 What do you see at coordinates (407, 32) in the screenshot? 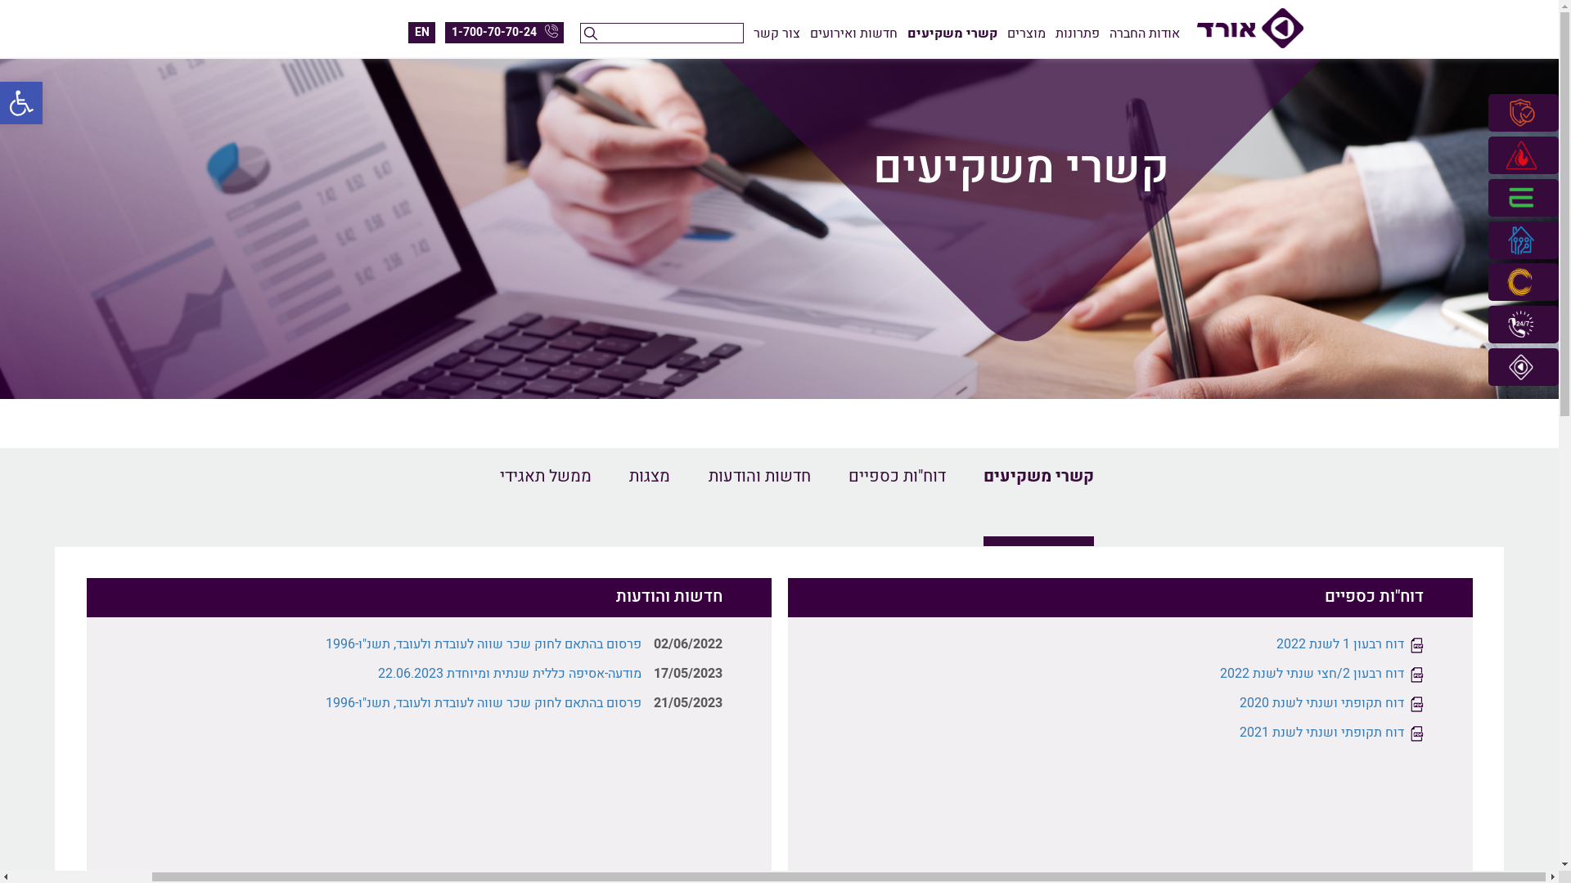
I see `'EN'` at bounding box center [407, 32].